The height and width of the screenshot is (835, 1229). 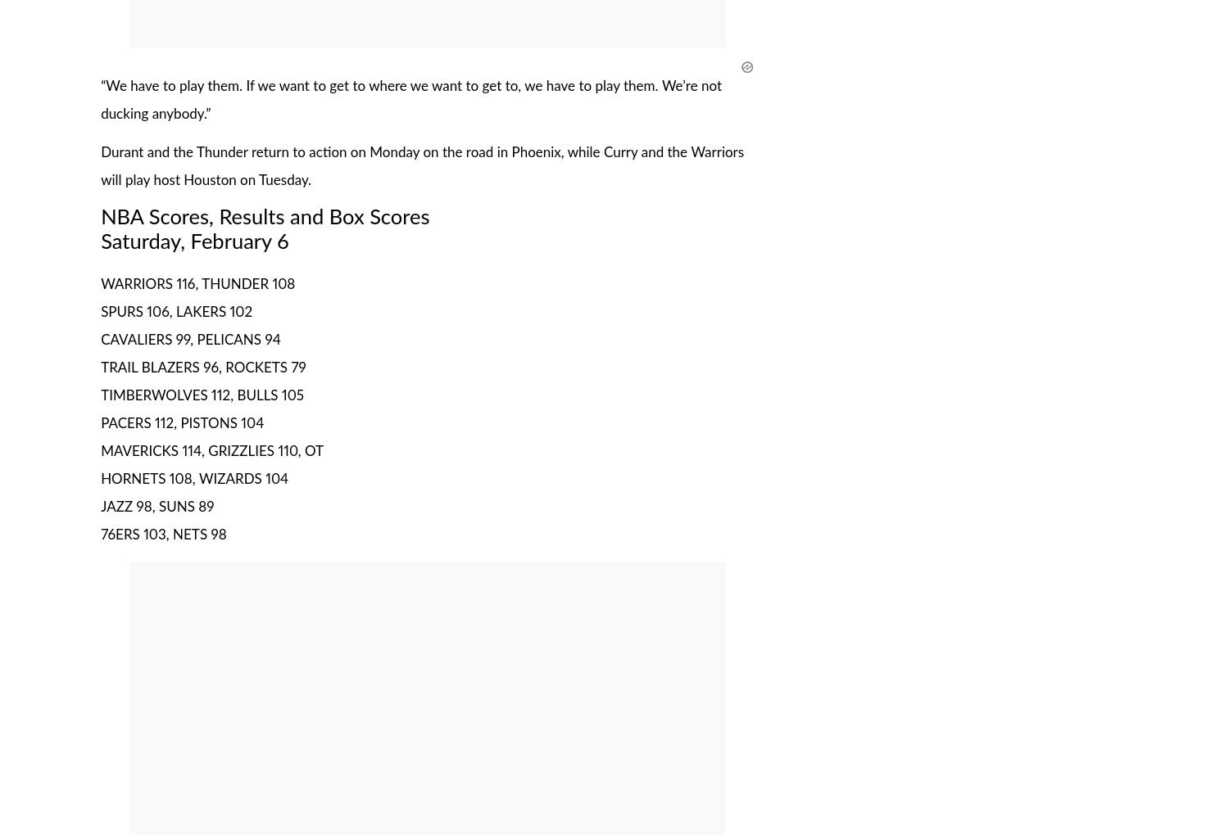 What do you see at coordinates (197, 283) in the screenshot?
I see `'WARRIORS 116, THUNDER 108'` at bounding box center [197, 283].